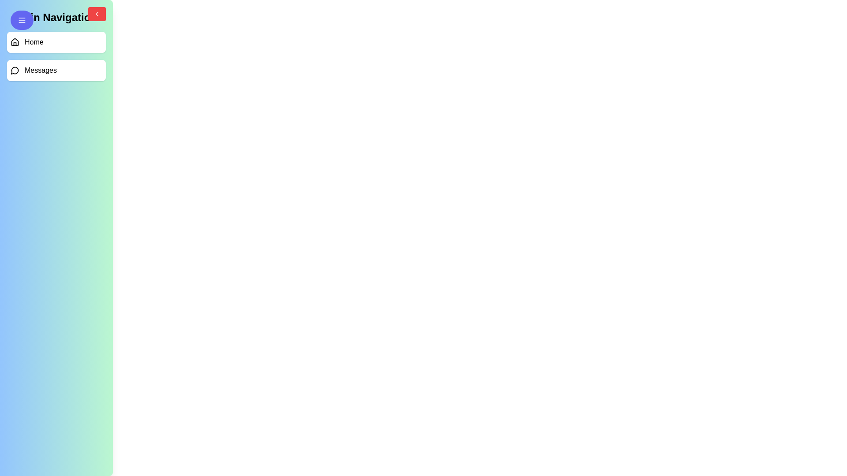 The image size is (847, 476). What do you see at coordinates (15, 42) in the screenshot?
I see `the house icon in the vertical navigation menu, which is the leftmost element of the 'Home' option` at bounding box center [15, 42].